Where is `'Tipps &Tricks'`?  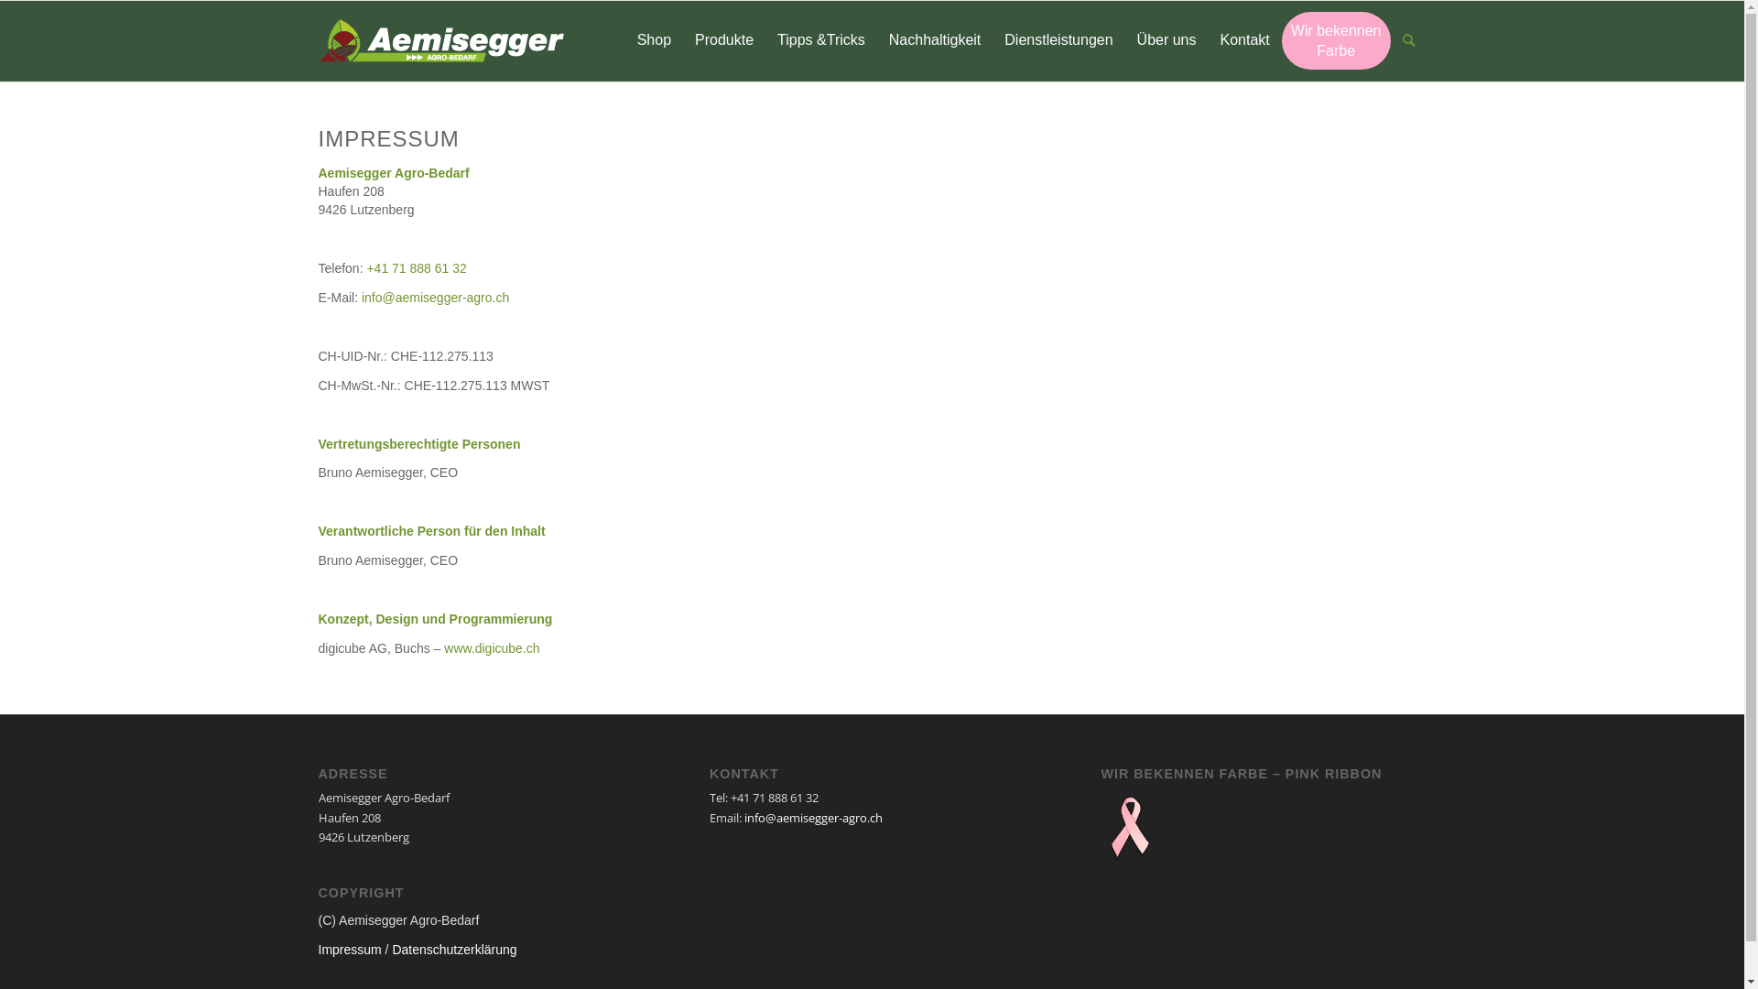 'Tipps &Tricks' is located at coordinates (820, 41).